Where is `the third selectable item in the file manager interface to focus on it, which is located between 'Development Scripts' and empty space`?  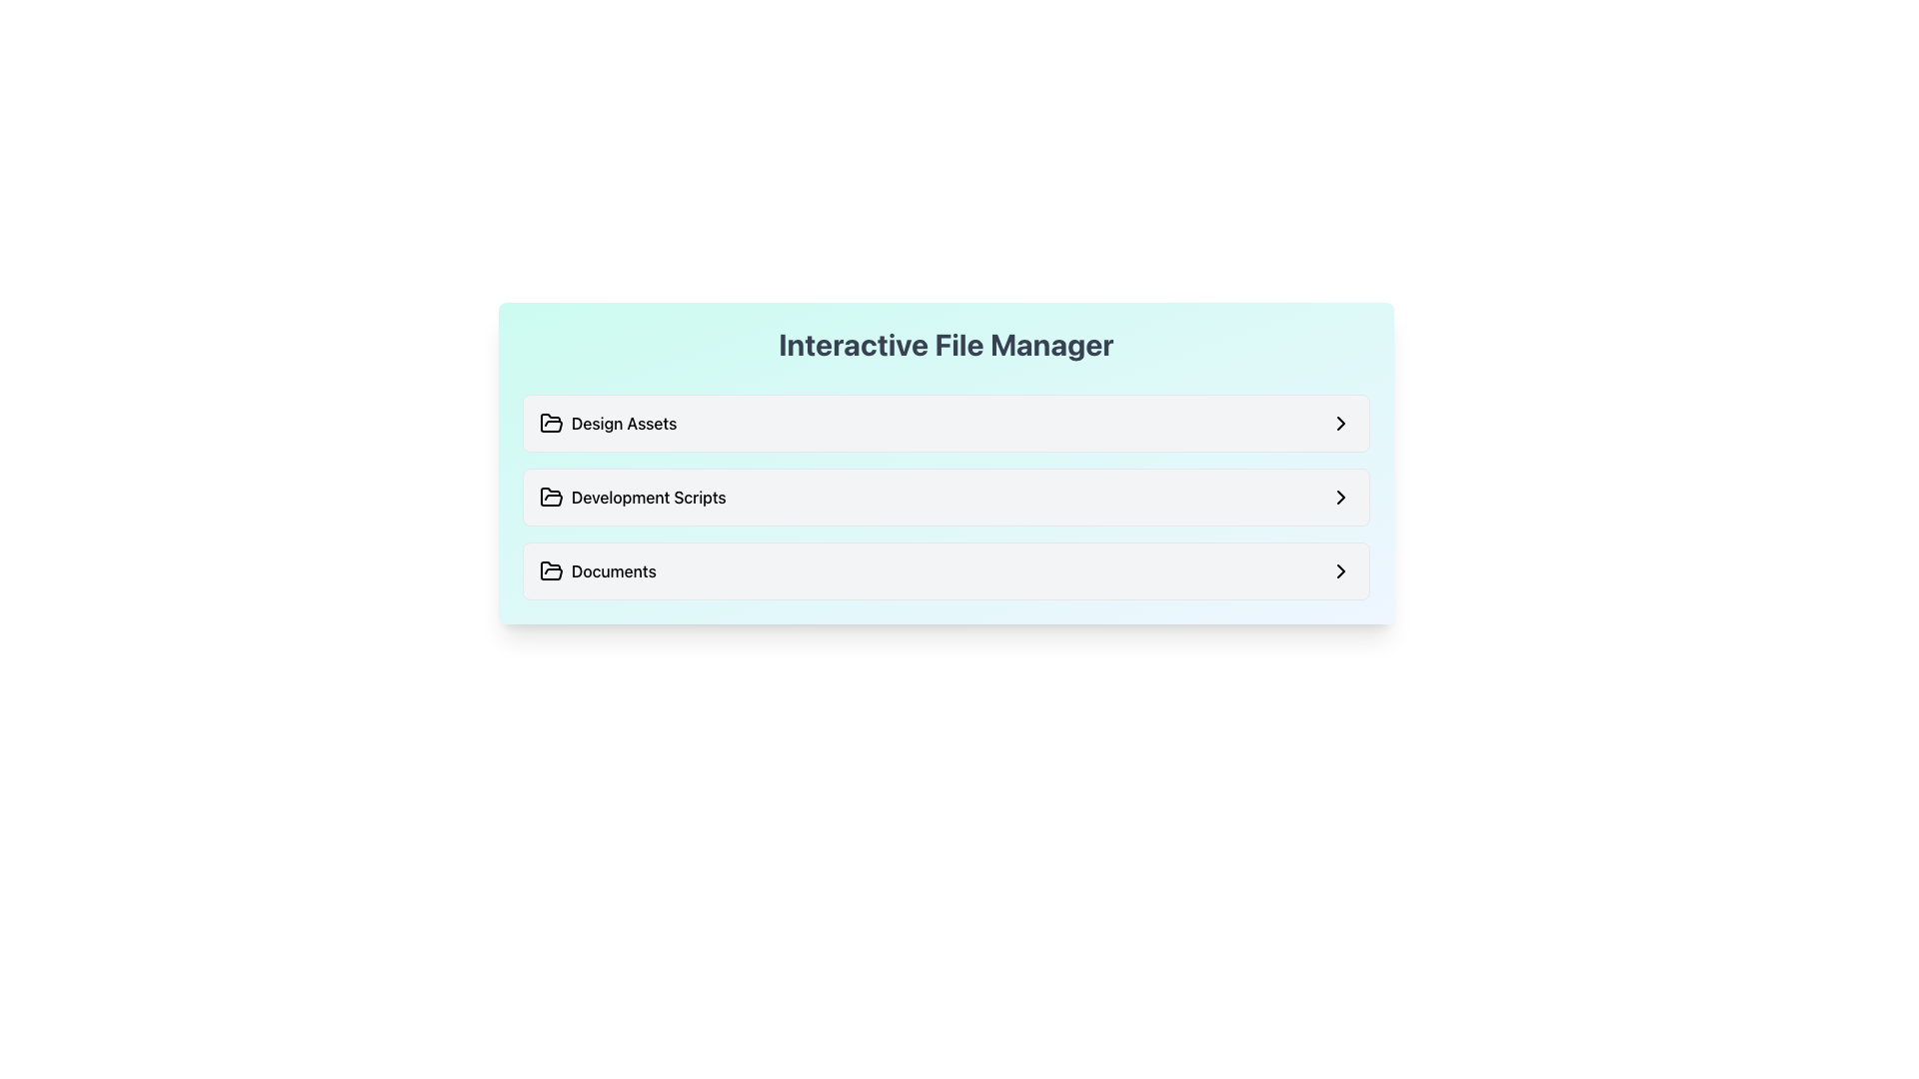 the third selectable item in the file manager interface to focus on it, which is located between 'Development Scripts' and empty space is located at coordinates (945, 570).